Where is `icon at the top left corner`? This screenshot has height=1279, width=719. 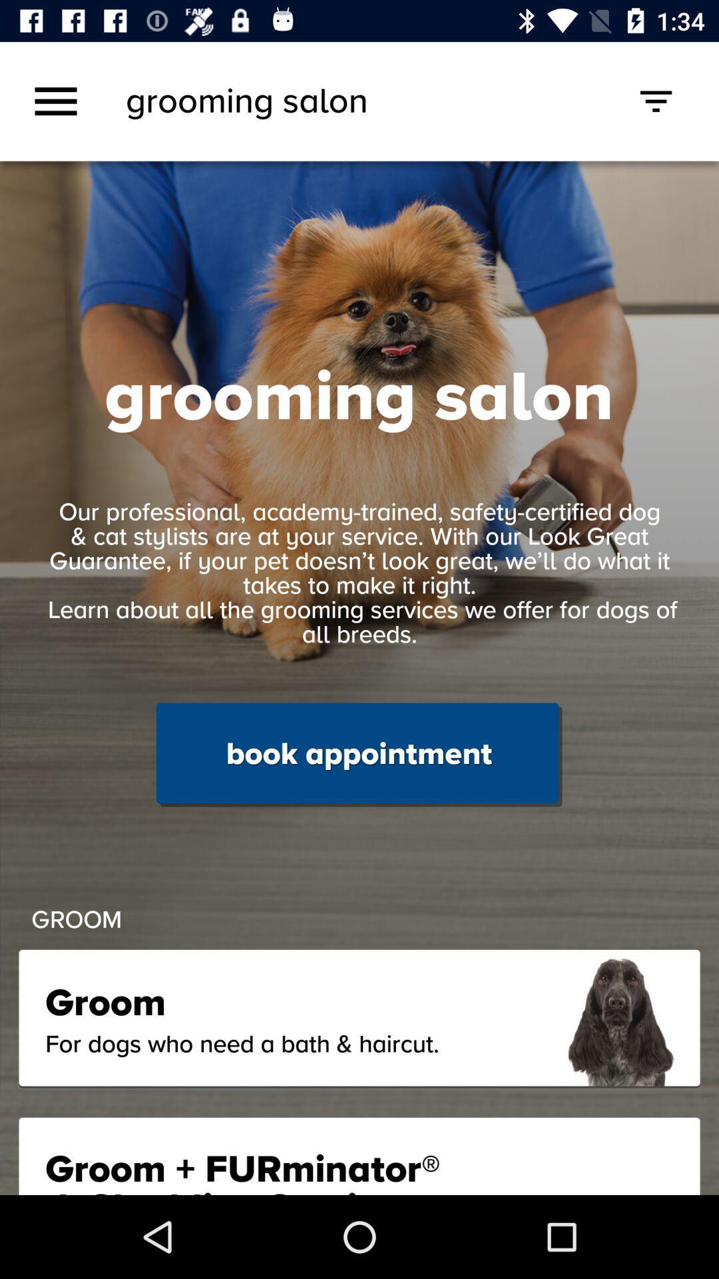 icon at the top left corner is located at coordinates (55, 101).